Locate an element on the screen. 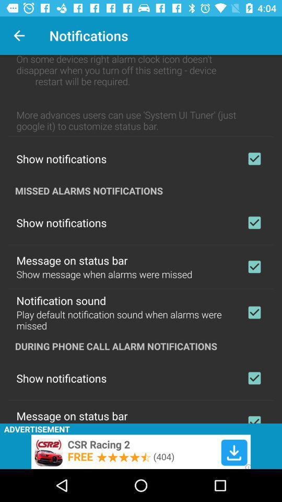  the button which is next to show notifications is located at coordinates (254, 222).